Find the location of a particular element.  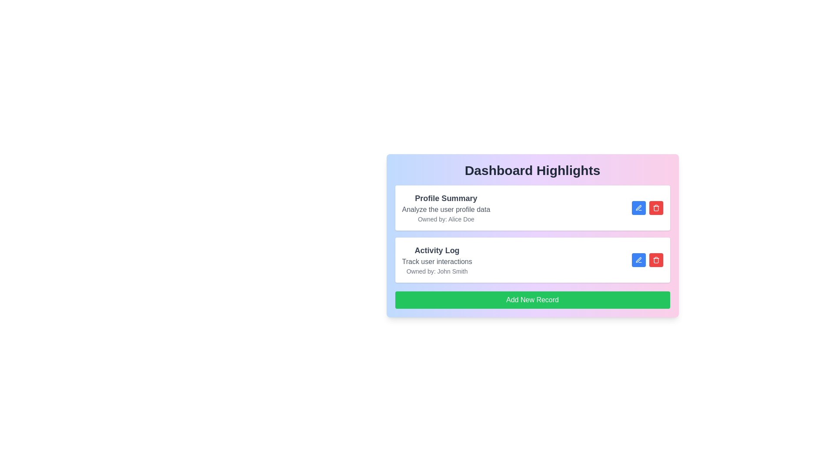

the compact blue icon resembling a pen or edit tool located in the 'Profile Summary' section of the dashboard widget is located at coordinates (638, 208).